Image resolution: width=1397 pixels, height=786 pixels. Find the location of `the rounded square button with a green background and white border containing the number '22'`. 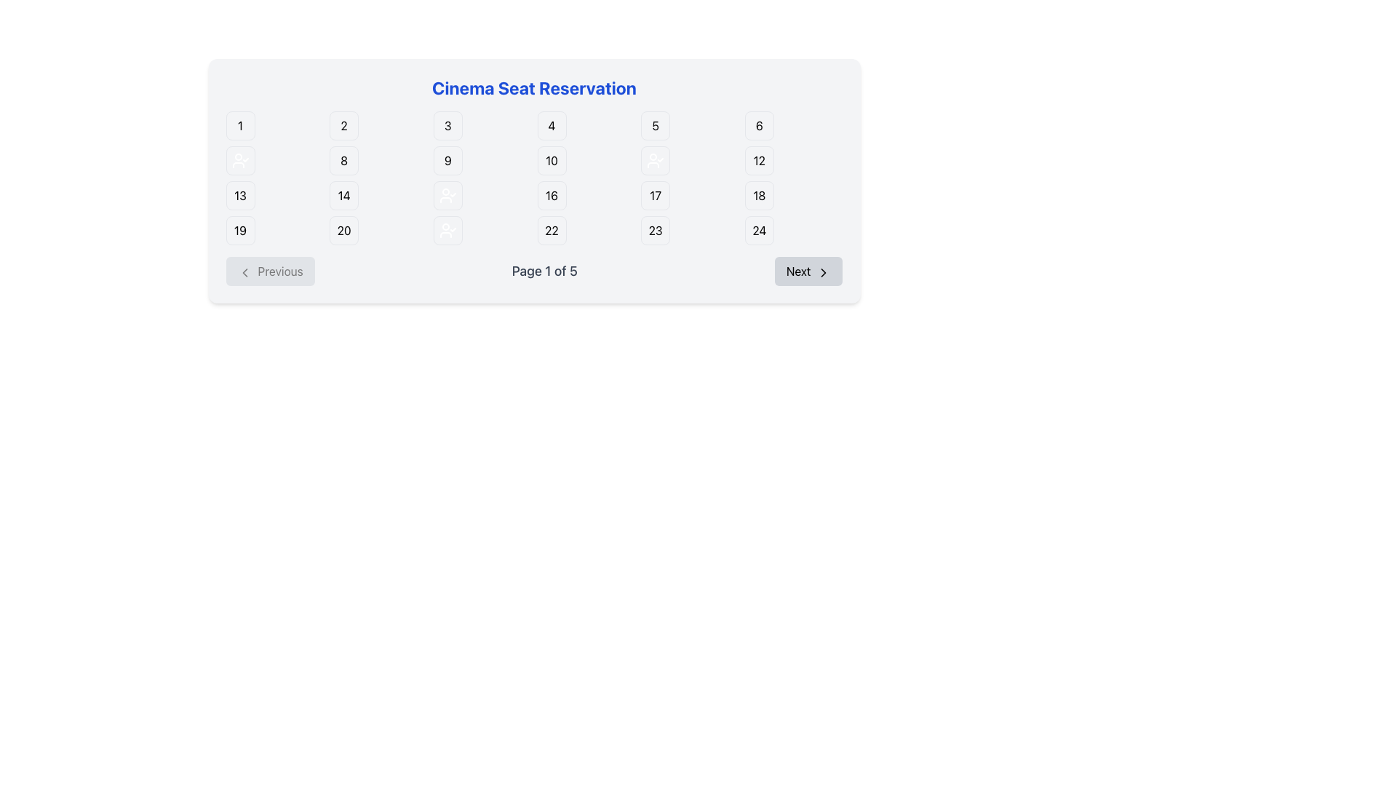

the rounded square button with a green background and white border containing the number '22' is located at coordinates (551, 229).